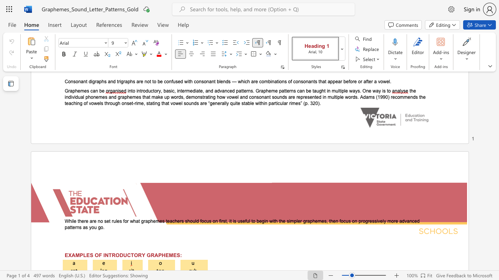  What do you see at coordinates (161, 255) in the screenshot?
I see `the subset text "HEMES:" within the text "EXAMPLES OF INTRODUCTORY GRAPHEMES:"` at bounding box center [161, 255].